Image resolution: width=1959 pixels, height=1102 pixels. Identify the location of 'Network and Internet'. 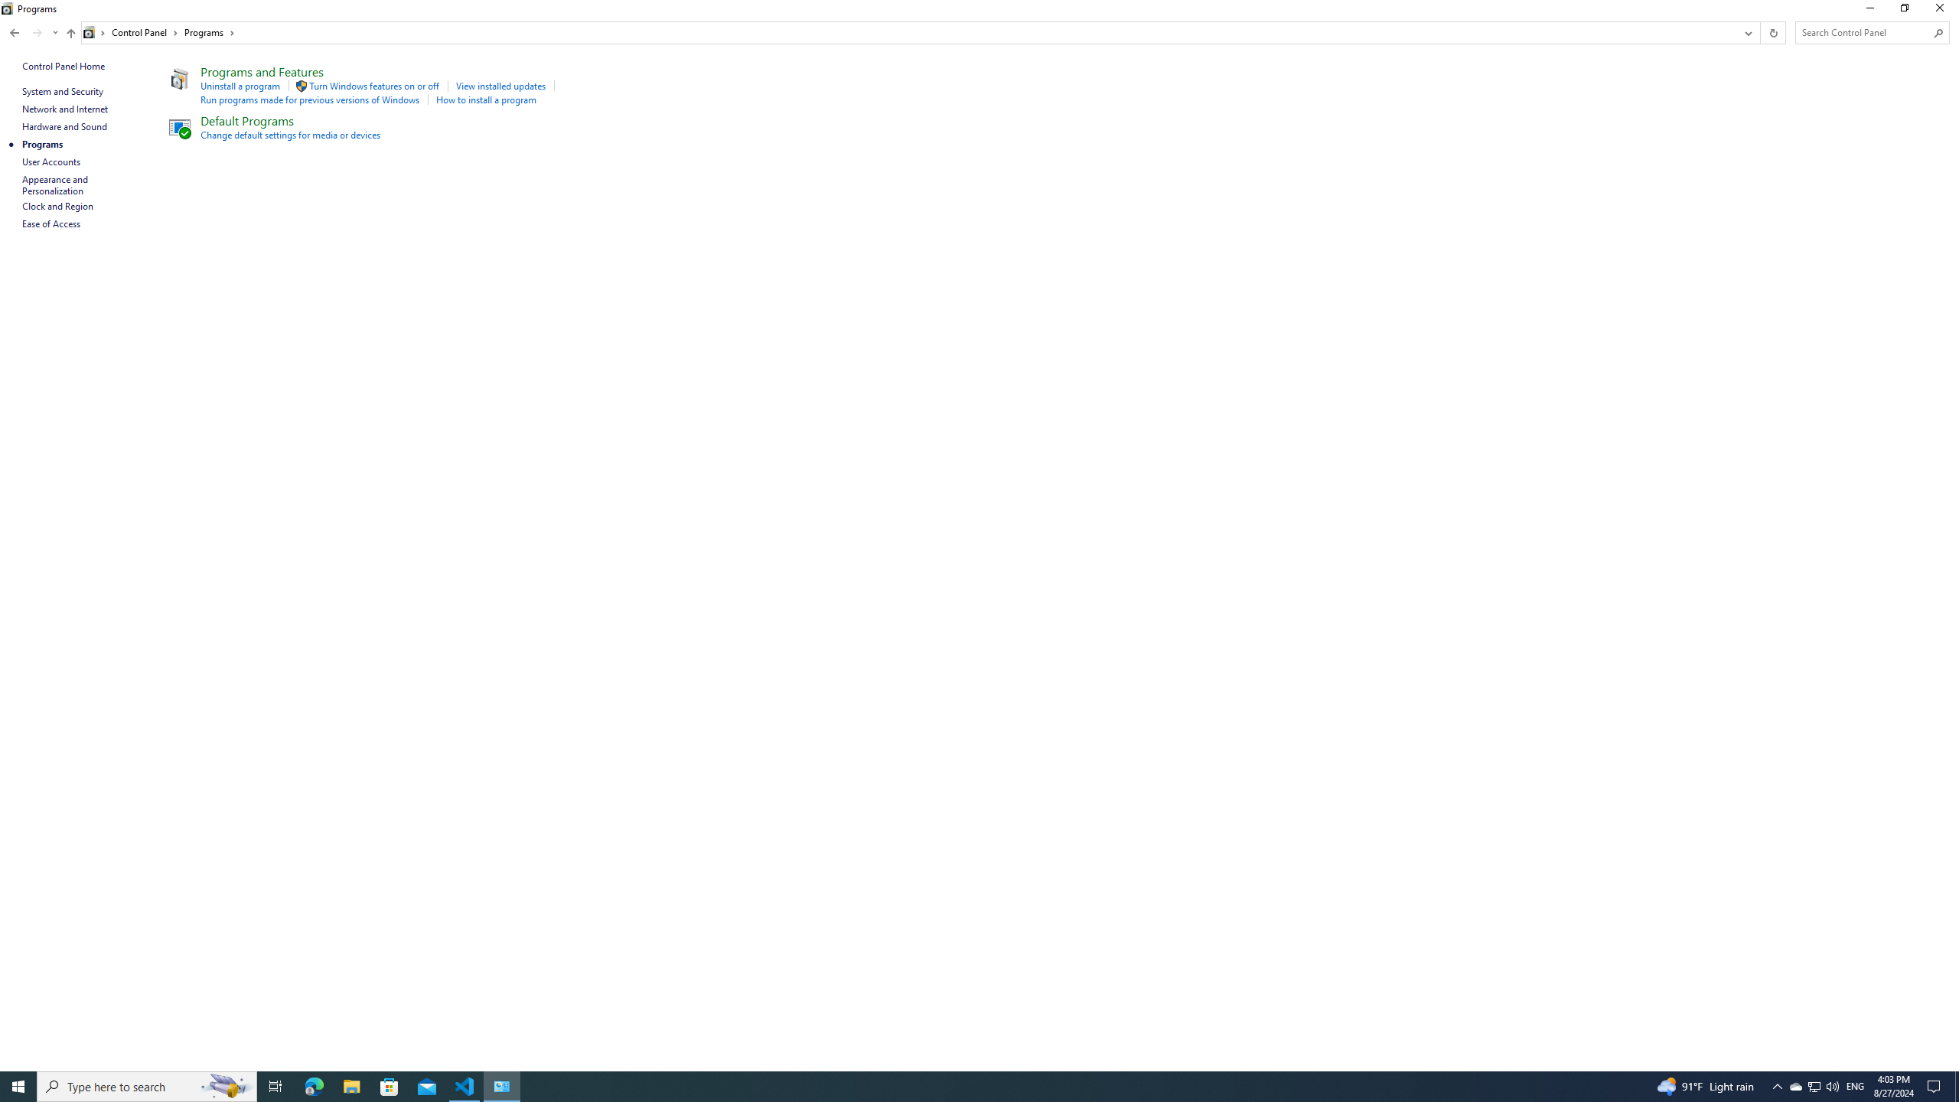
(65, 108).